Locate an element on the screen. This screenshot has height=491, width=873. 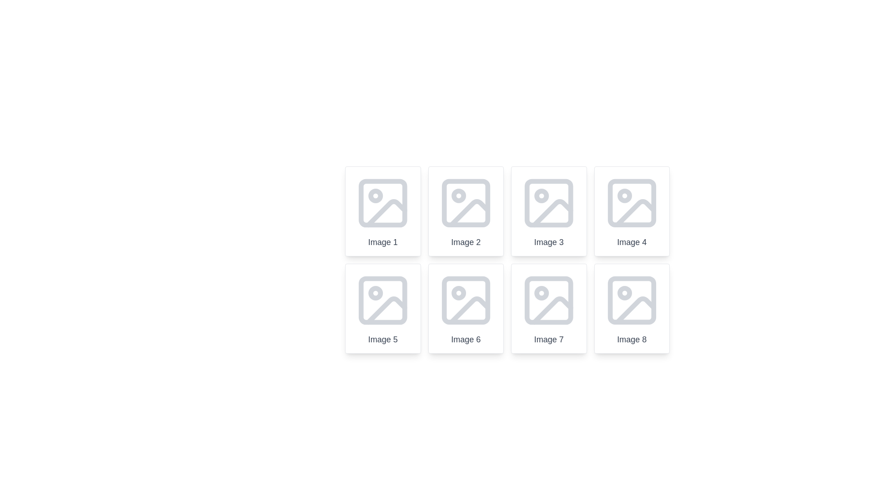
the text label displaying 'Image 1', which is centrally aligned below an icon placeholder on the first card in the top-left corner of a 4x2 grid layout is located at coordinates (383, 241).